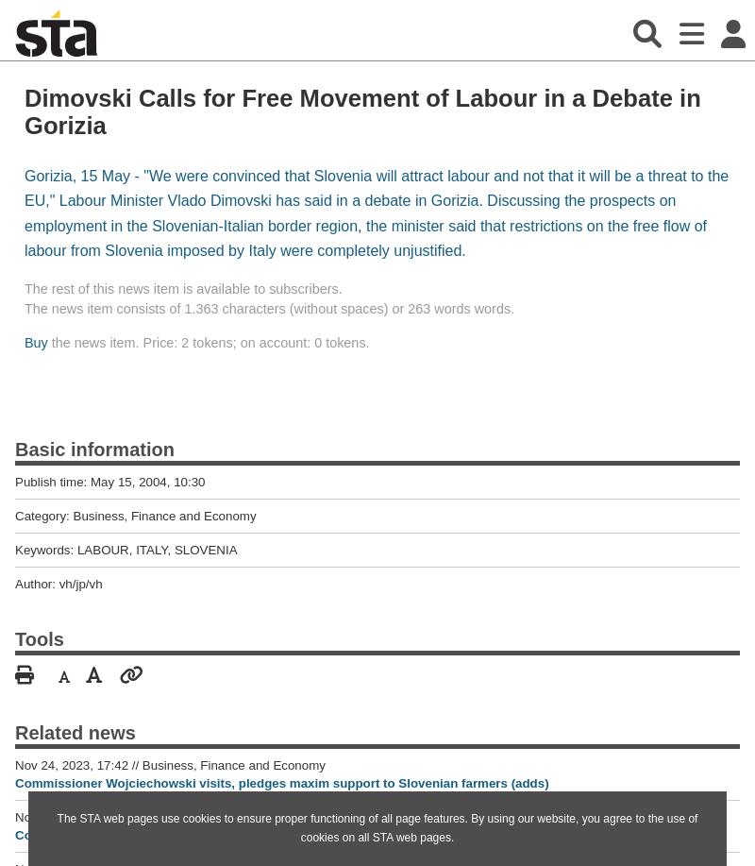 The image size is (755, 866). I want to click on 'Related news', so click(15, 730).